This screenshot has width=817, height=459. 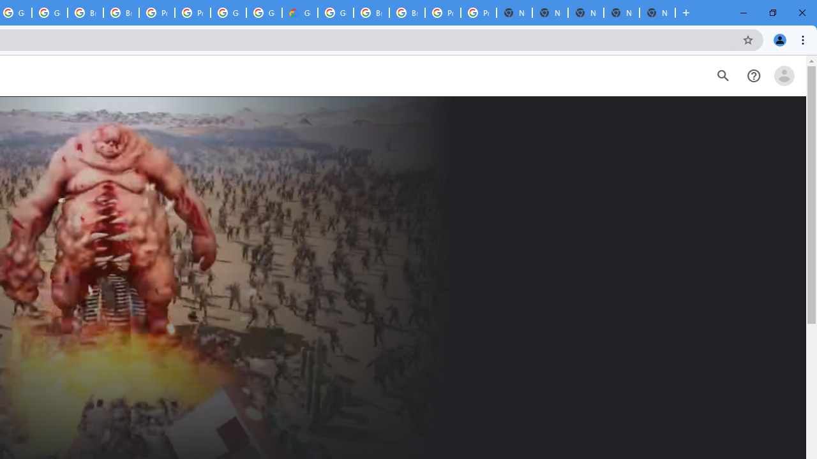 I want to click on 'Open account menu', so click(x=783, y=76).